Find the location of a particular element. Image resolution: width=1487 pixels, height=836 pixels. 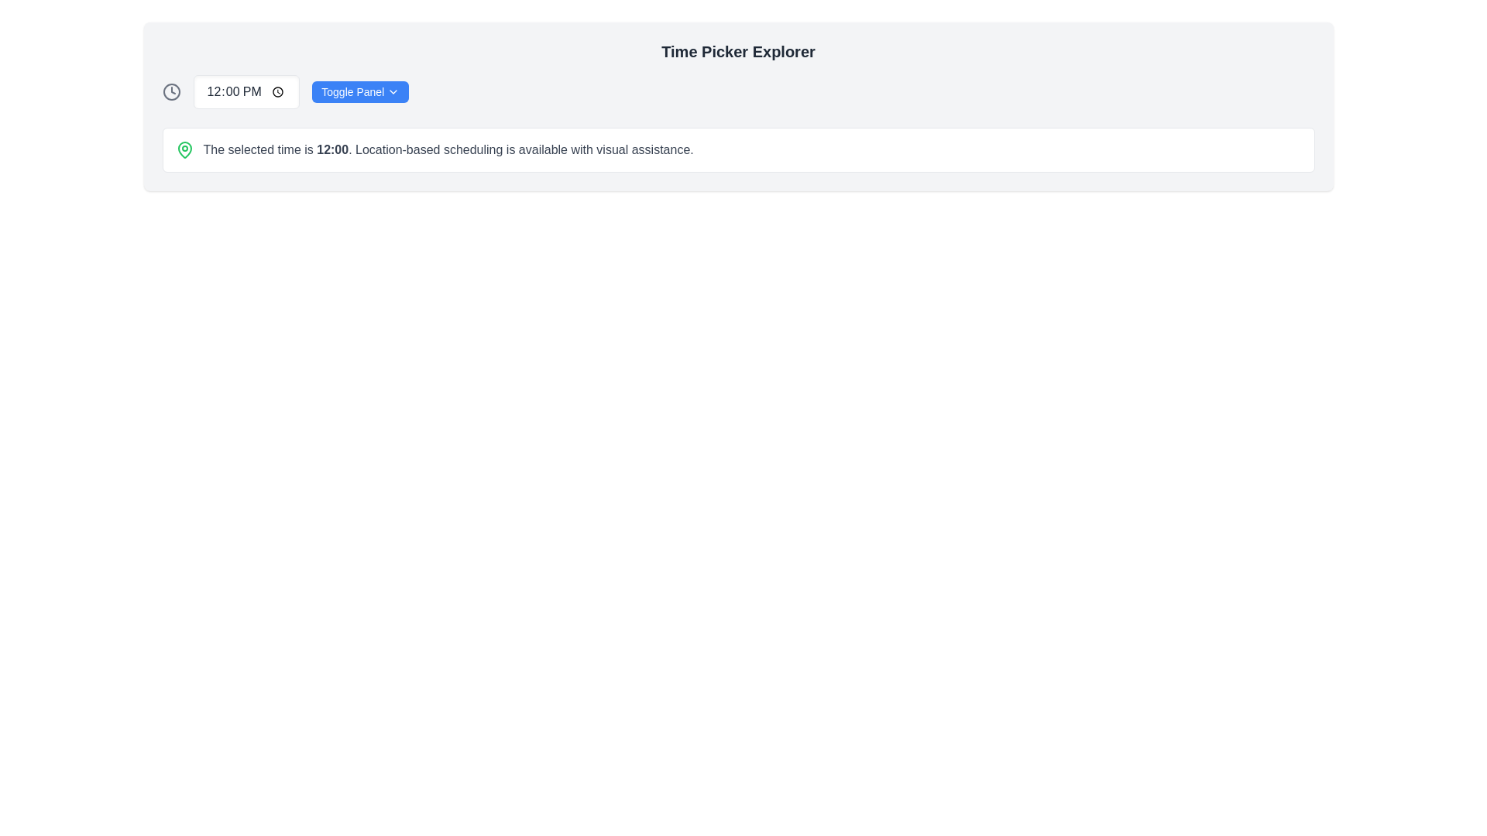

the text element that displays the selected time value within the sentence 'The selected time is 12:00. Location-based scheduling is available with visual assistance.' is located at coordinates (331, 149).